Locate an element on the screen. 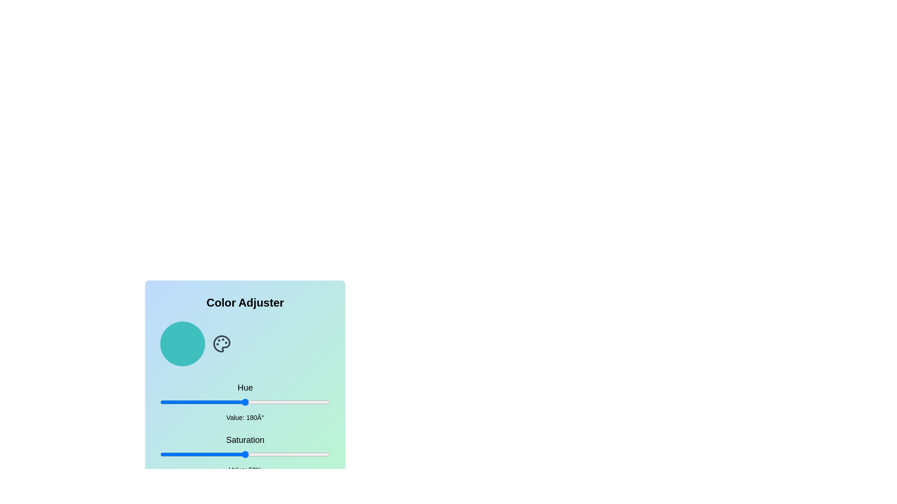  the saturation slider to set the saturation to 77% is located at coordinates (291, 454).